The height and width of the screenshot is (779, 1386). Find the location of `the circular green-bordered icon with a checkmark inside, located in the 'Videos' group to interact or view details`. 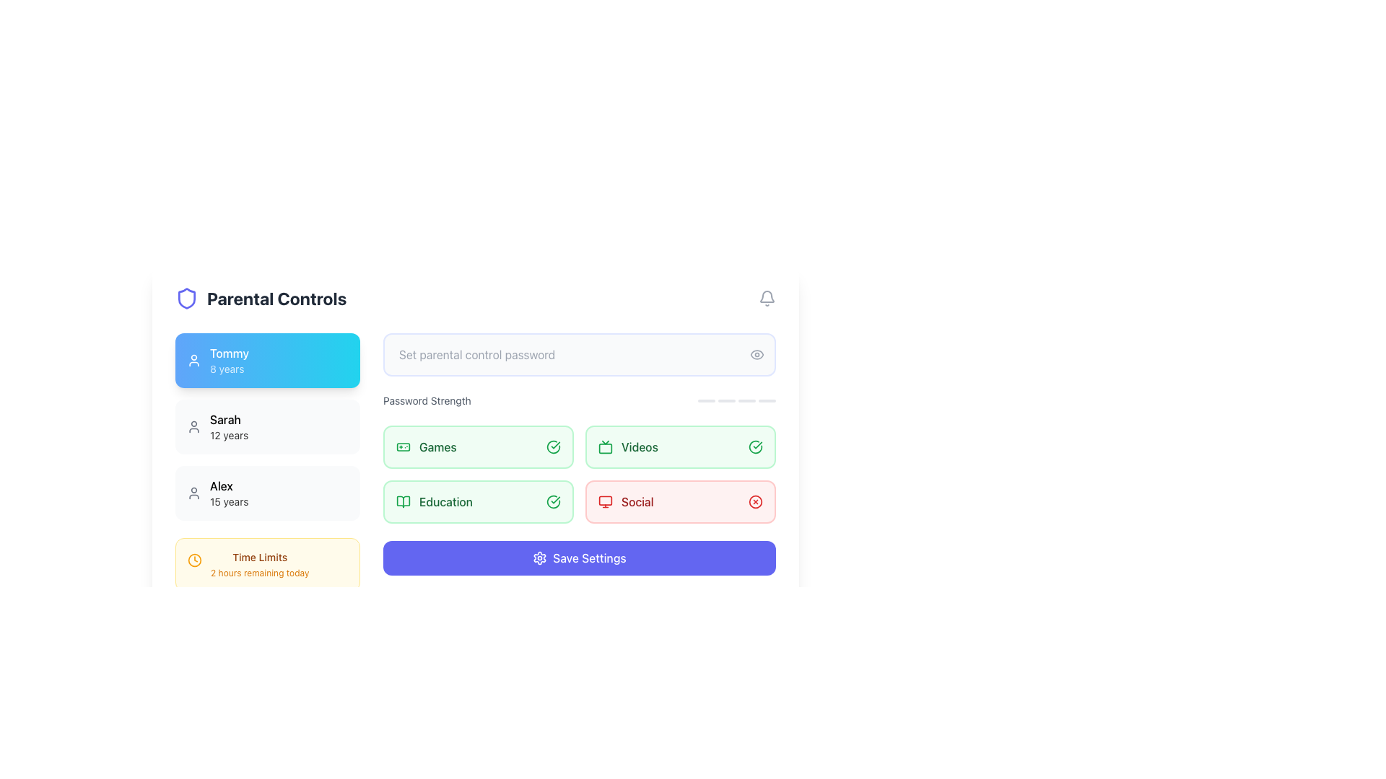

the circular green-bordered icon with a checkmark inside, located in the 'Videos' group to interact or view details is located at coordinates (754, 446).